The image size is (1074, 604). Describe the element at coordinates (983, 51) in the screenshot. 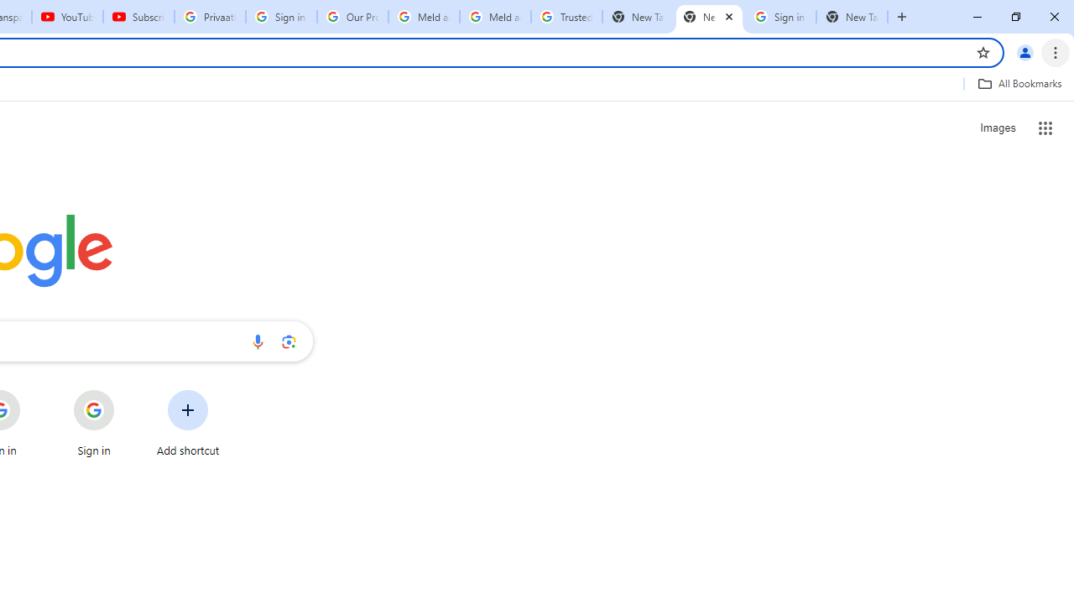

I see `'Bookmark this tab'` at that location.